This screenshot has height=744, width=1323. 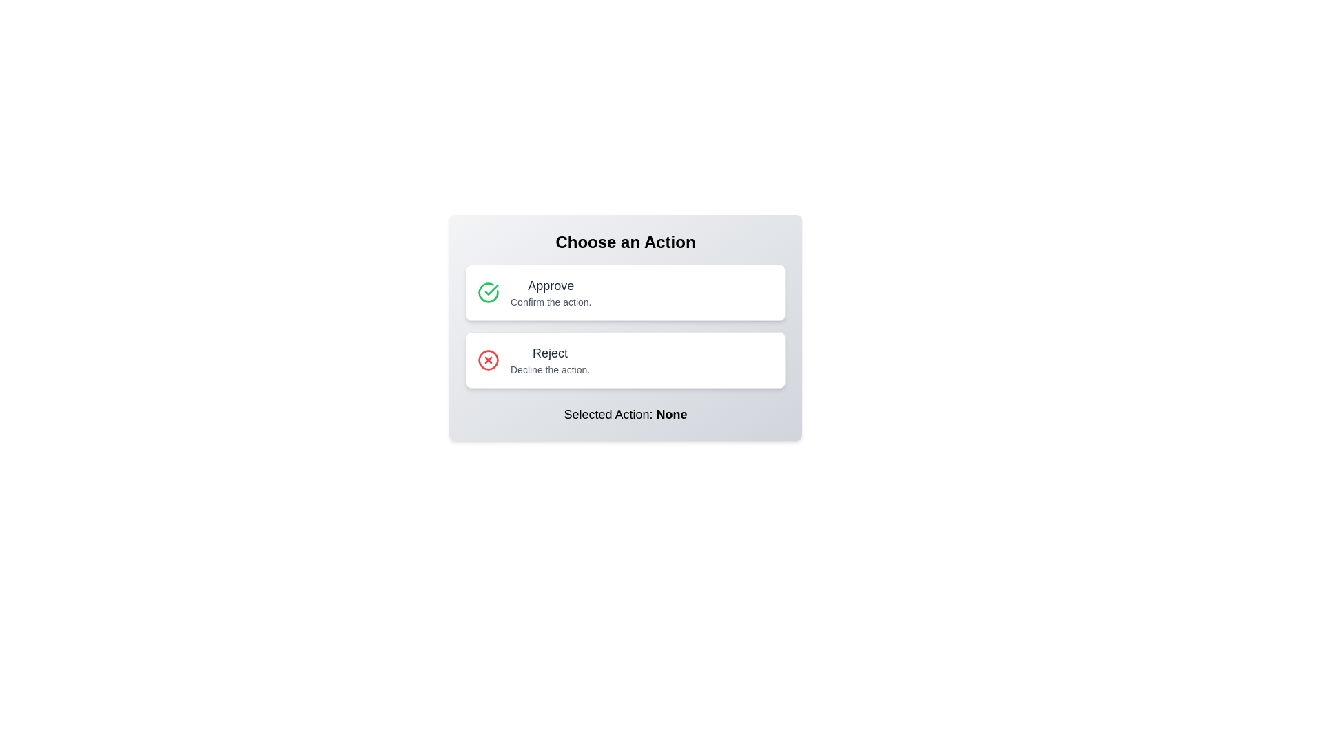 What do you see at coordinates (624, 291) in the screenshot?
I see `the action approve by clicking the respective button` at bounding box center [624, 291].